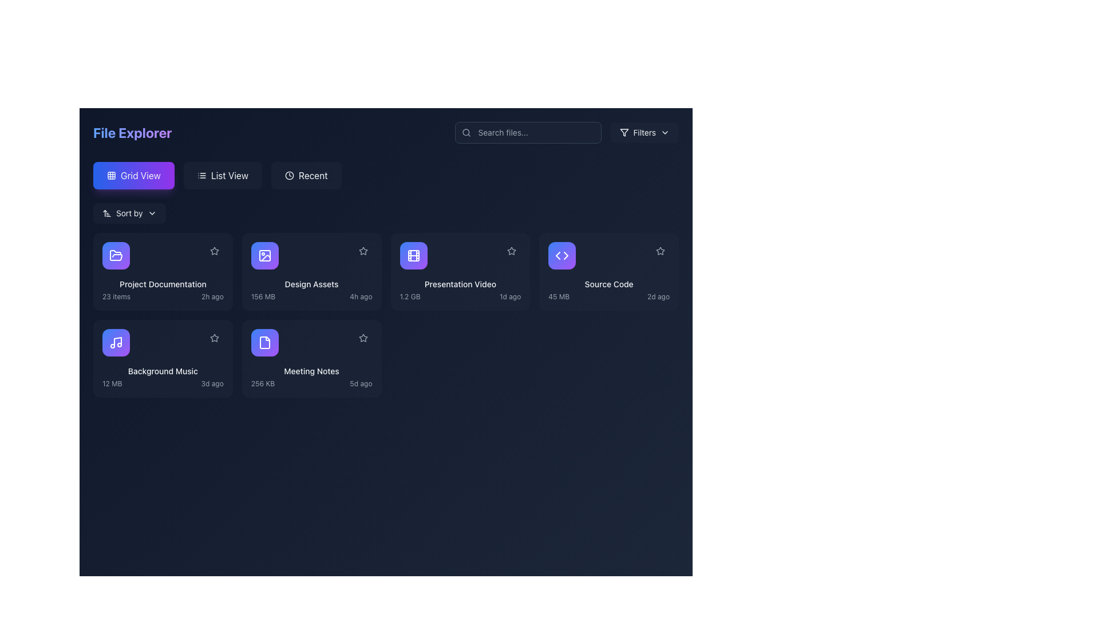 The width and height of the screenshot is (1099, 618). What do you see at coordinates (413, 255) in the screenshot?
I see `the SVG-based icon representing the media or video file associated with the 'Presentation Video' card, located in the third column of the top row` at bounding box center [413, 255].